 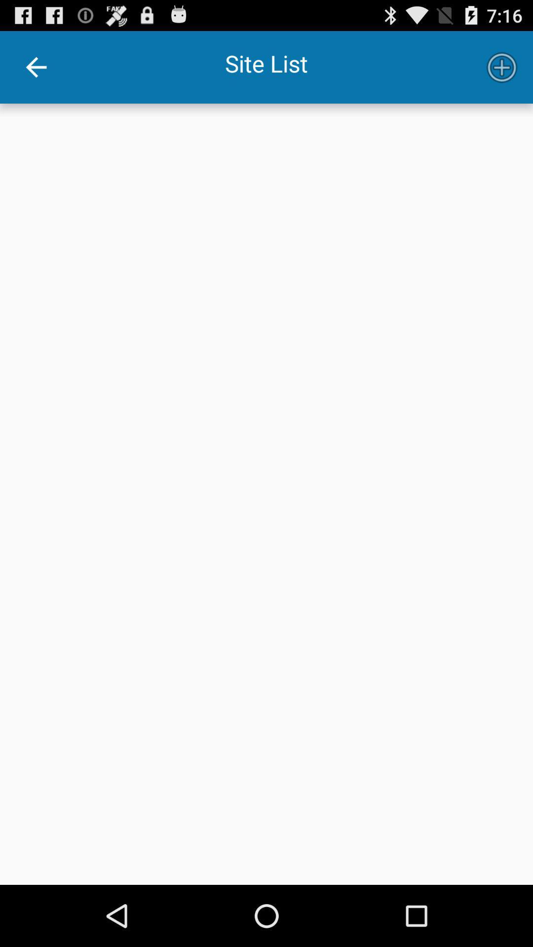 I want to click on the icon at the center, so click(x=266, y=494).